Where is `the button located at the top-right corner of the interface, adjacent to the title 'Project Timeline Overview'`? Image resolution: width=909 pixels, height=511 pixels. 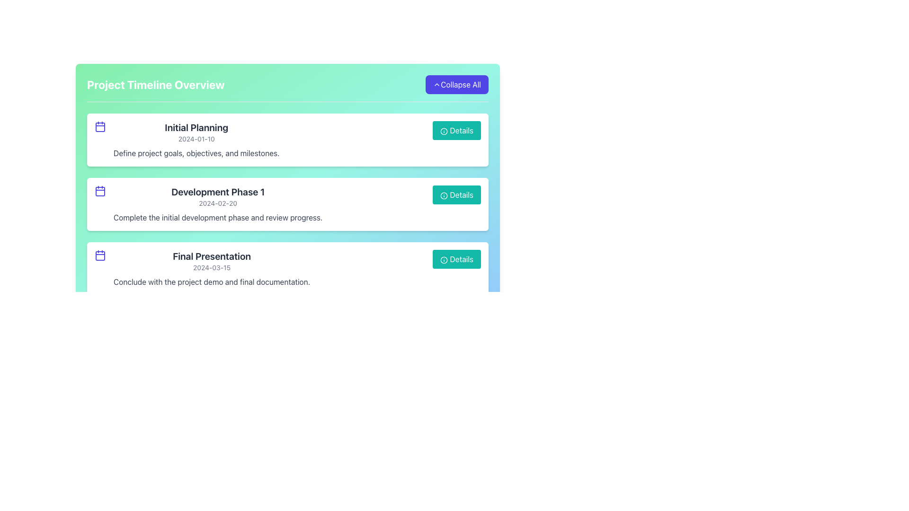
the button located at the top-right corner of the interface, adjacent to the title 'Project Timeline Overview' is located at coordinates (457, 84).